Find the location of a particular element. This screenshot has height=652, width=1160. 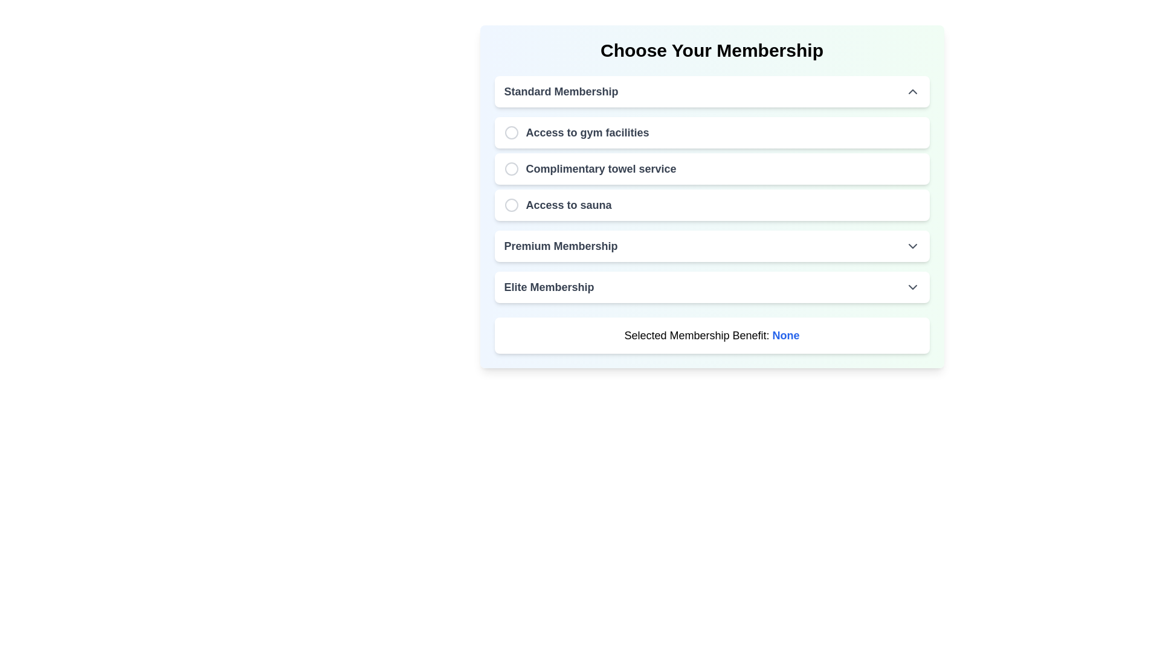

text label displaying 'Standard Membership', which is styled in bold, dark gray font and located at the top-left corner of a card interface is located at coordinates (561, 91).